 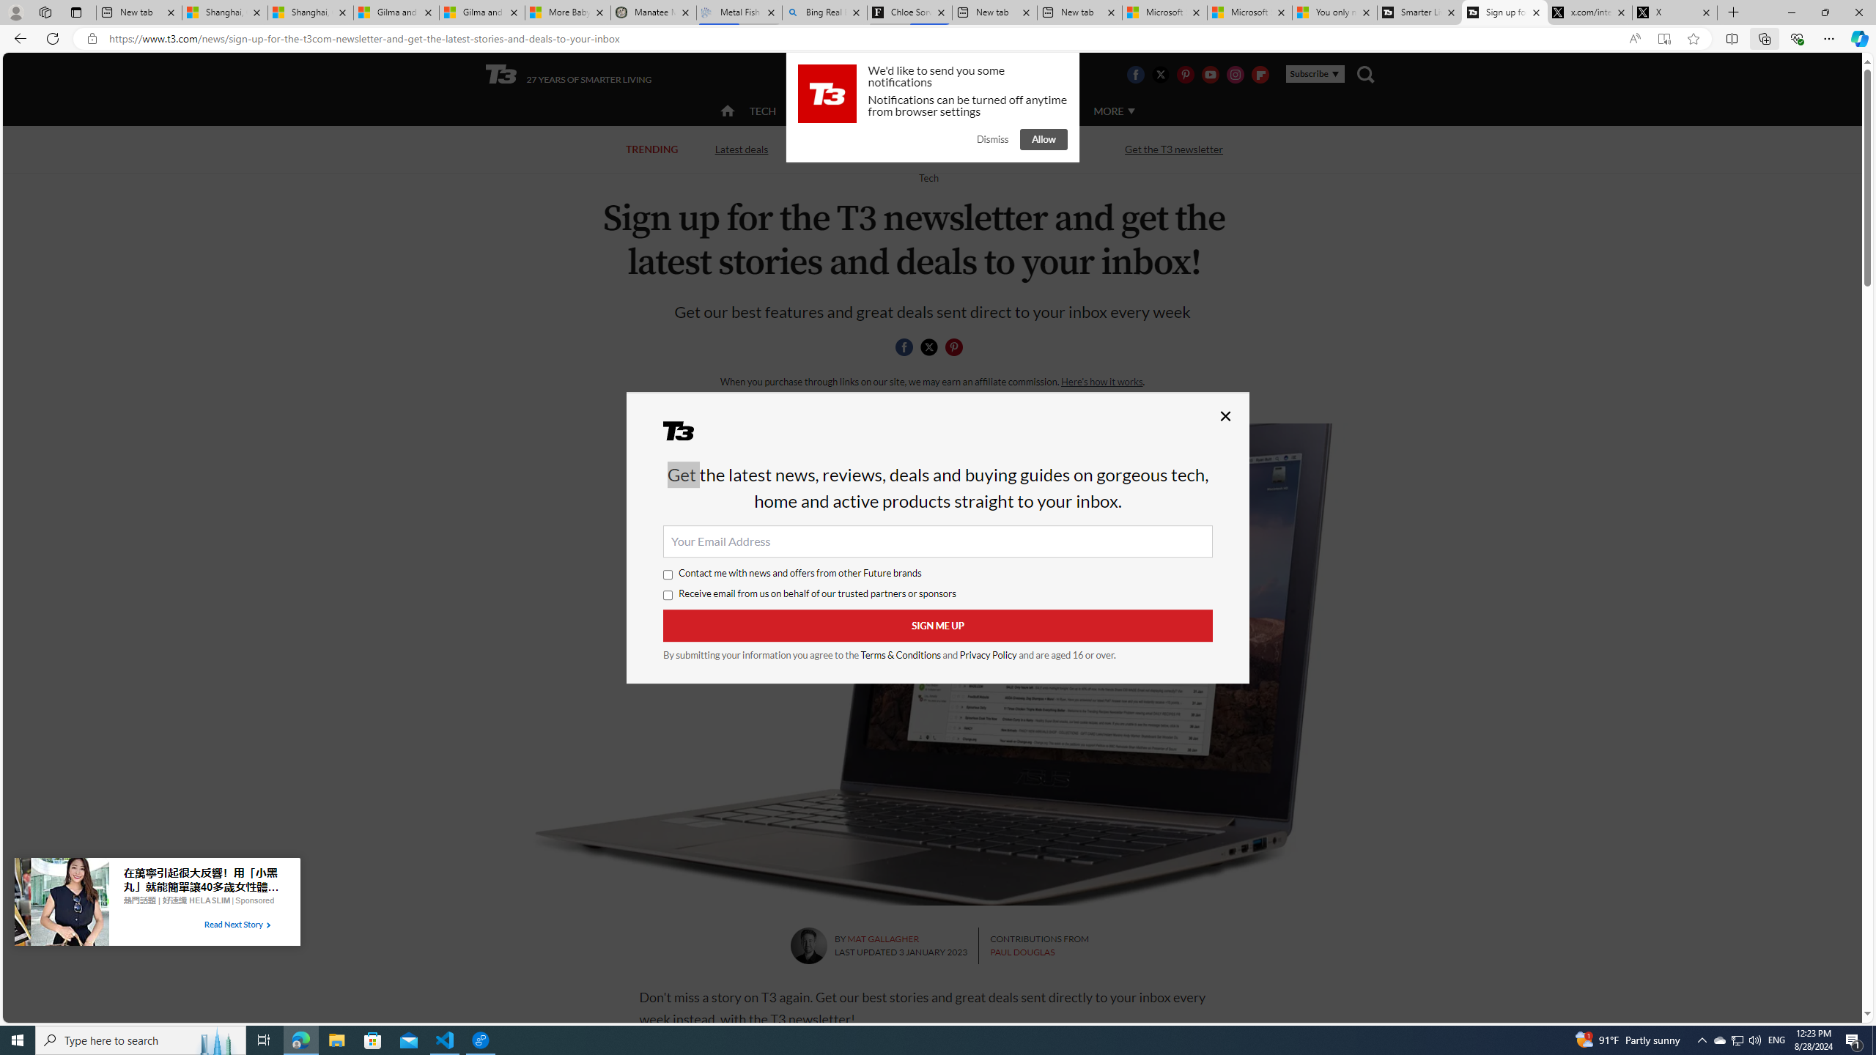 I want to click on 'Tech', so click(x=928, y=177).